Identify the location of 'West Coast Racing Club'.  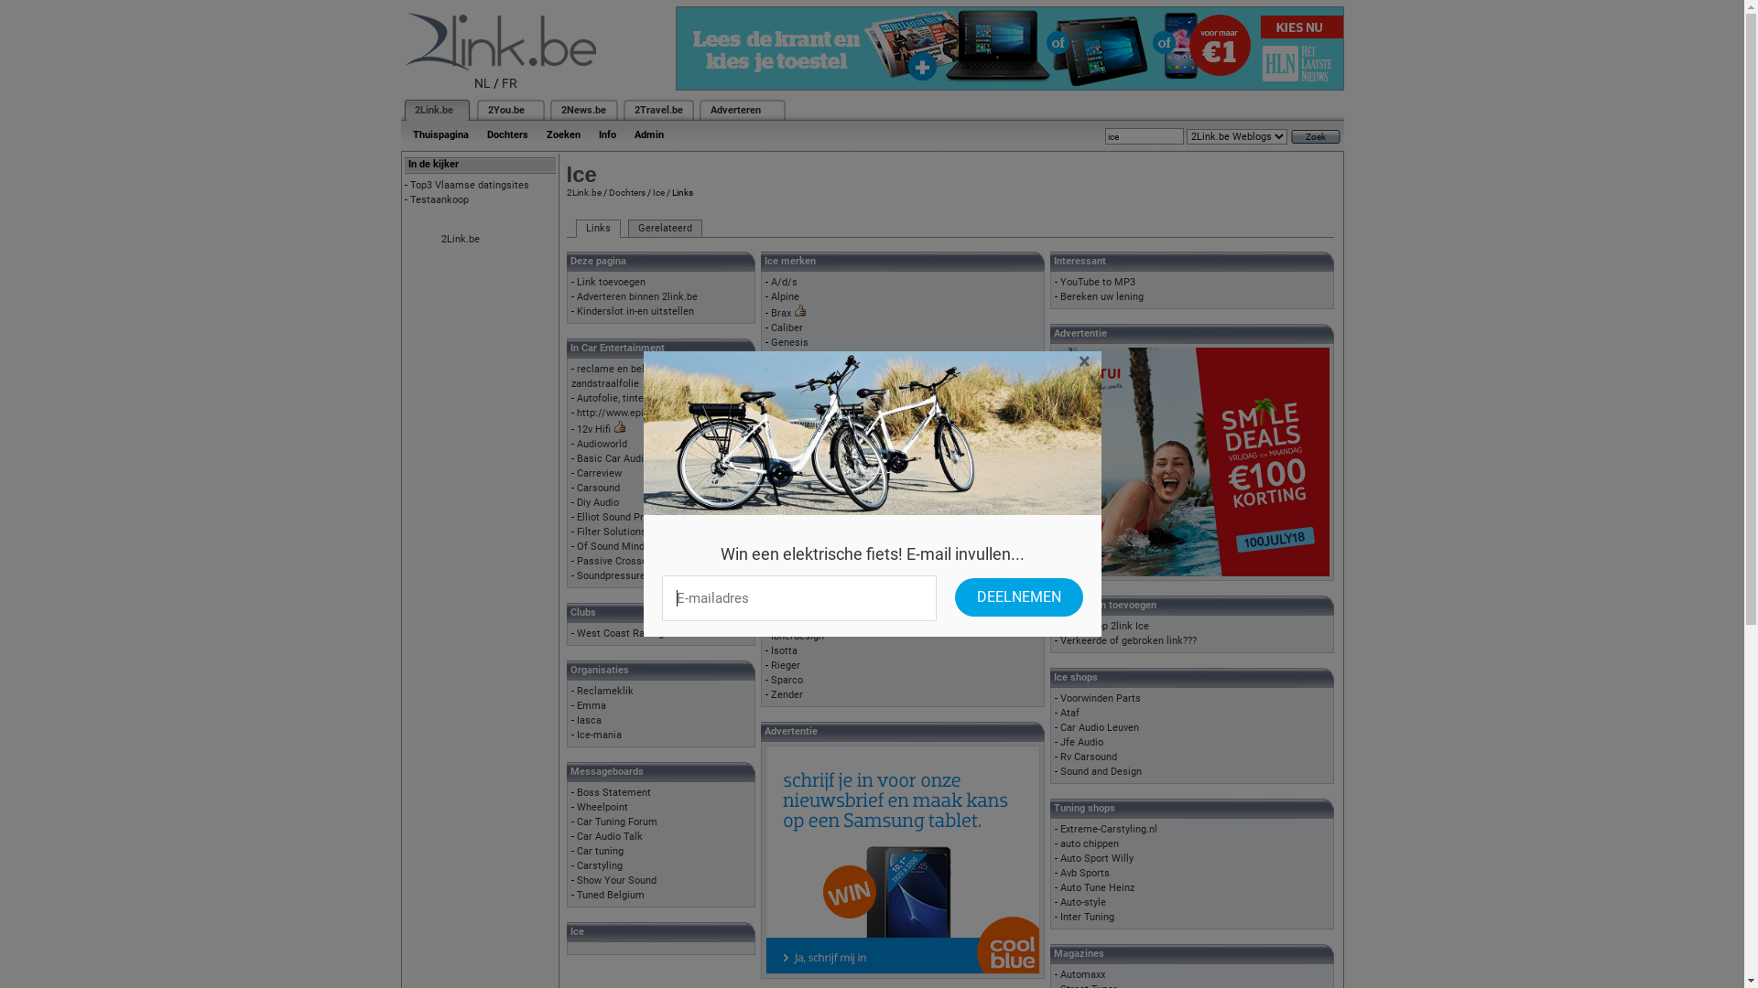
(632, 632).